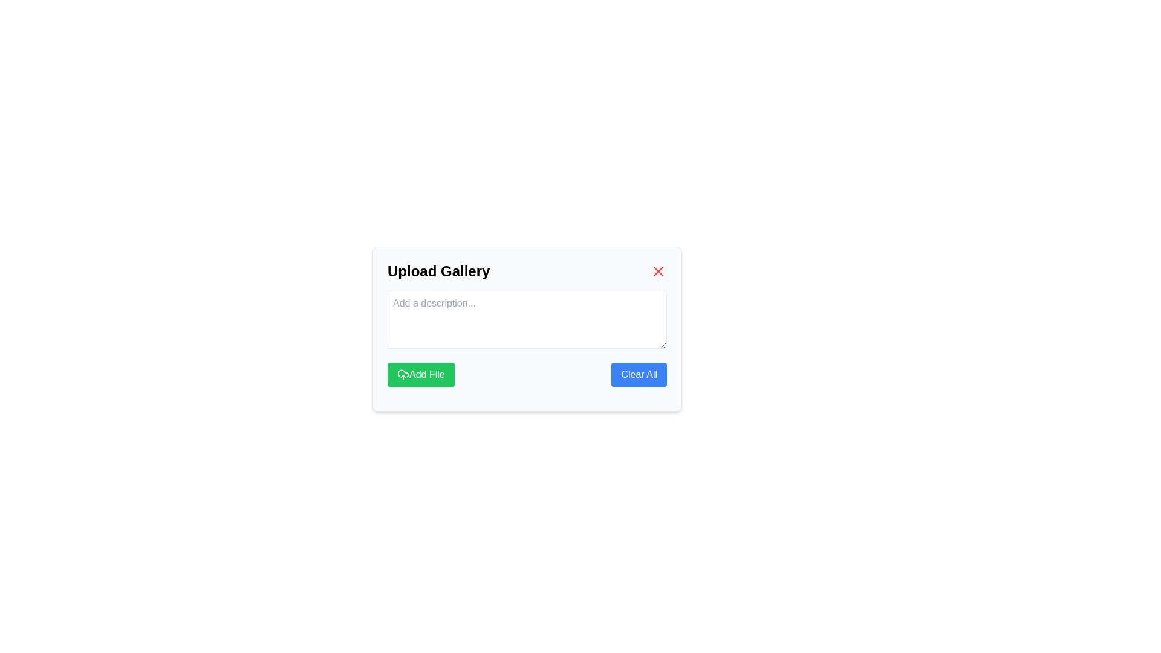 The height and width of the screenshot is (653, 1161). I want to click on the lower part of the cloud-shaped icon with a thin stroke, located above the 'Add File' button in the modal, so click(403, 372).